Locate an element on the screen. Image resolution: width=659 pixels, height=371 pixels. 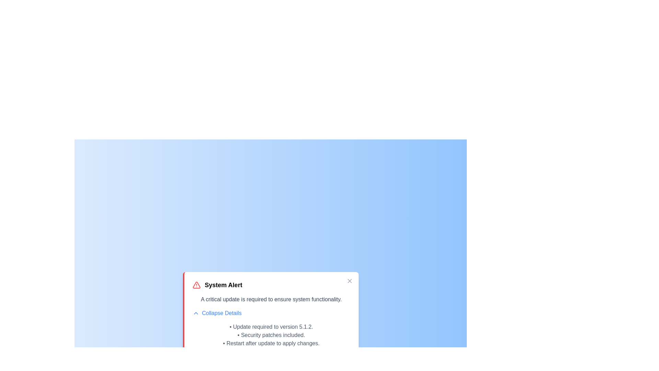
the 'Collapse Details' button to toggle the details section is located at coordinates (217, 313).